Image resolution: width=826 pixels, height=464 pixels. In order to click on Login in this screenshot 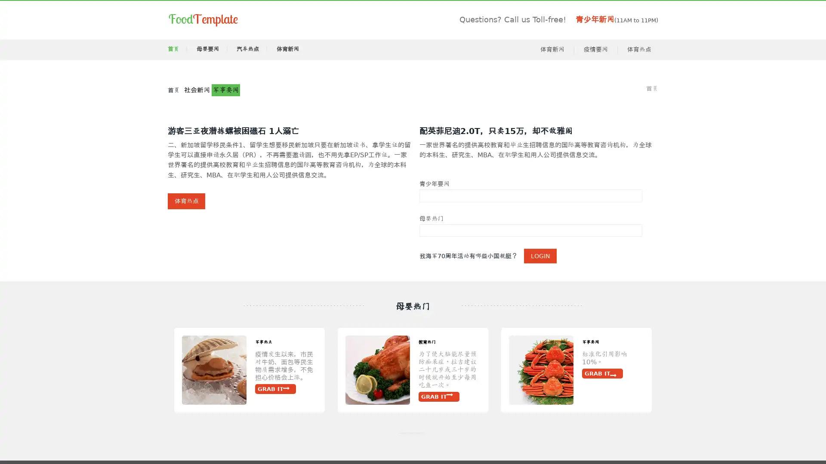, I will do `click(540, 260)`.